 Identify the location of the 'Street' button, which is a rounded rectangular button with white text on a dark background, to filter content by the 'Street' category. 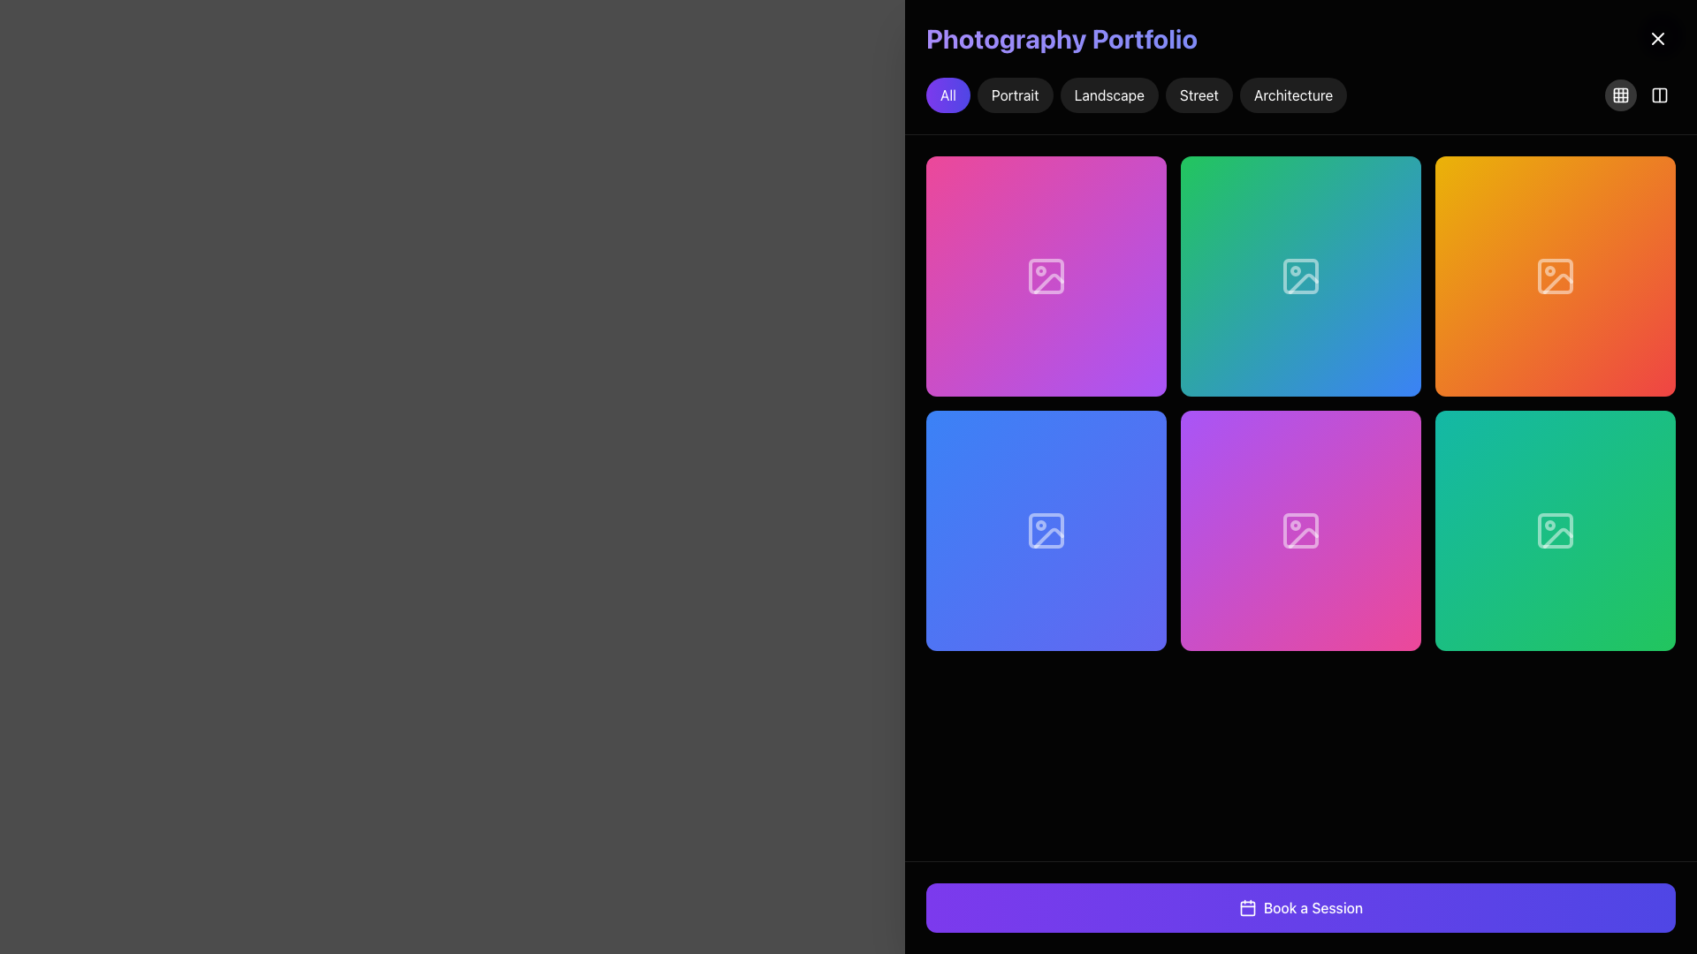
(1199, 95).